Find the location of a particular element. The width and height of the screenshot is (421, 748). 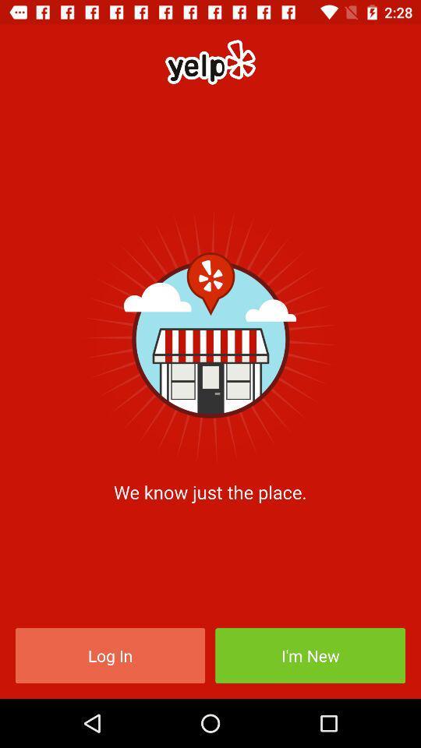

log in is located at coordinates (109, 654).